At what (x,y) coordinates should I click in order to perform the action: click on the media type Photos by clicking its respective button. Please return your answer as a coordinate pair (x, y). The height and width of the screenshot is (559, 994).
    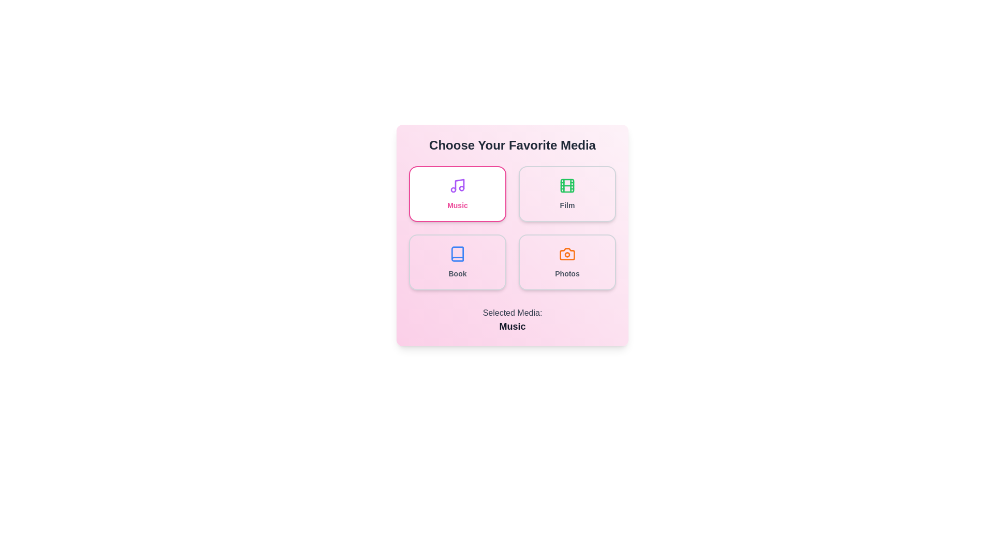
    Looking at the image, I should click on (566, 261).